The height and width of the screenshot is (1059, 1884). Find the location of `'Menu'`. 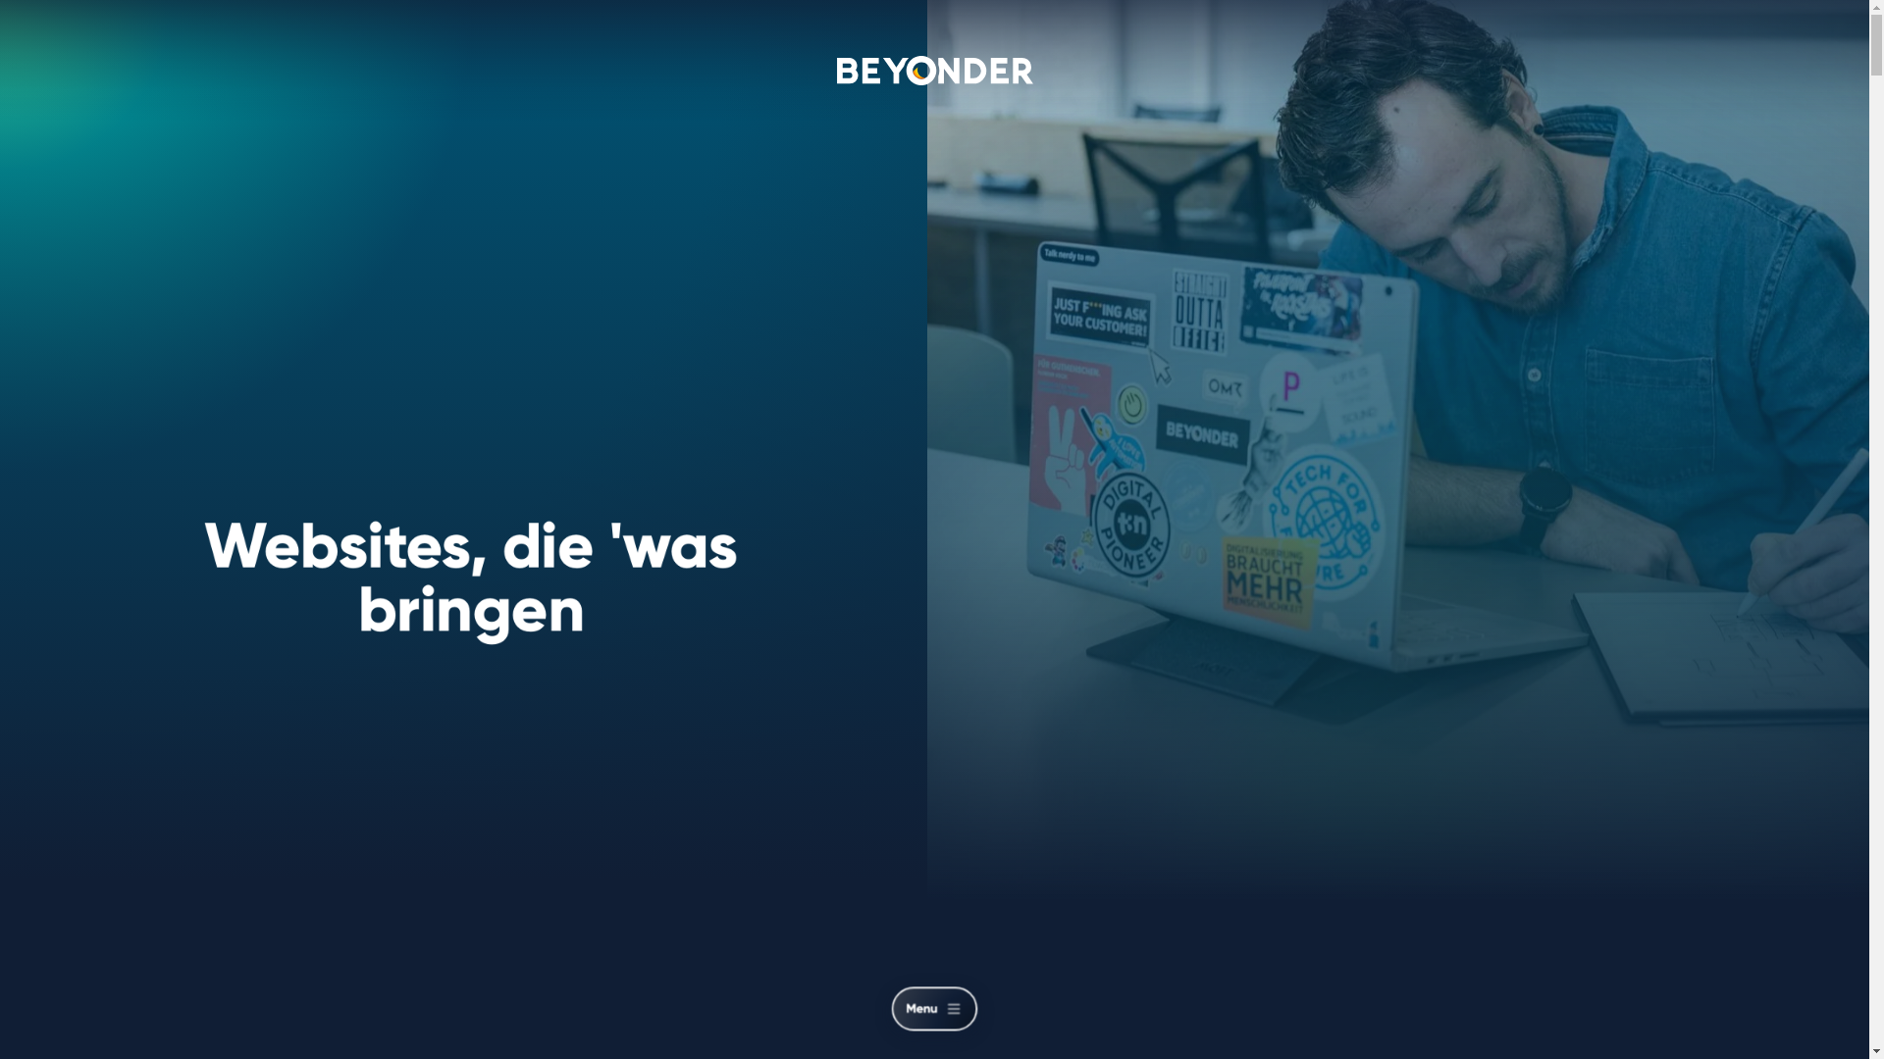

'Menu' is located at coordinates (946, 1013).